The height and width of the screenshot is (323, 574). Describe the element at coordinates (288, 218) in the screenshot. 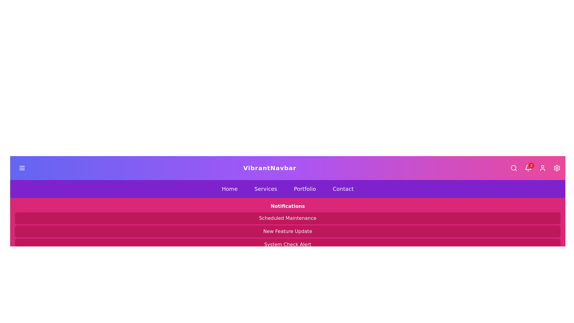

I see `text from the vibrant pink label displaying 'Scheduled Maintenance', which is located below the 'Notifications' header` at that location.